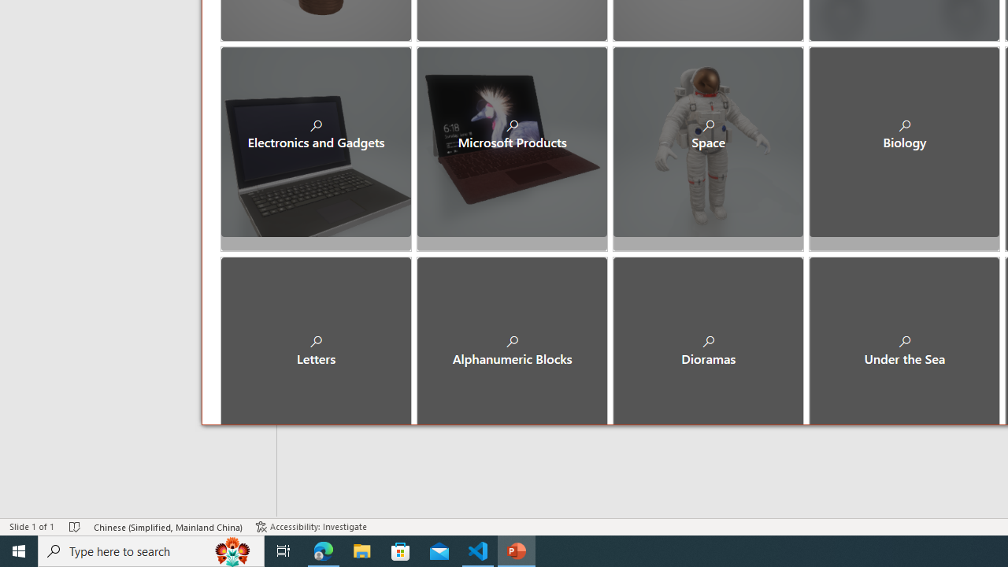  What do you see at coordinates (904, 142) in the screenshot?
I see `'Biology'` at bounding box center [904, 142].